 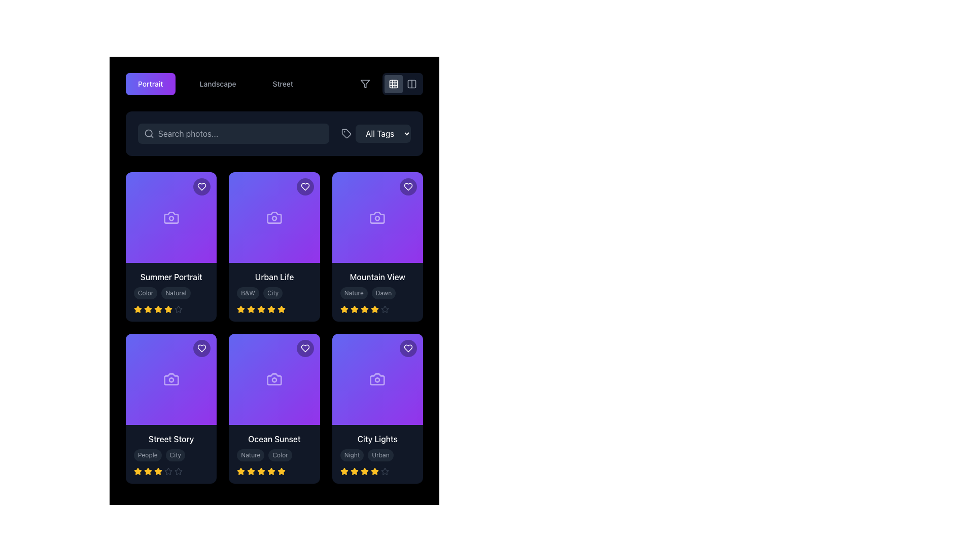 What do you see at coordinates (171, 471) in the screenshot?
I see `the inactive fifth star icon in the rating system on the 'Street Story' card to rate this level` at bounding box center [171, 471].